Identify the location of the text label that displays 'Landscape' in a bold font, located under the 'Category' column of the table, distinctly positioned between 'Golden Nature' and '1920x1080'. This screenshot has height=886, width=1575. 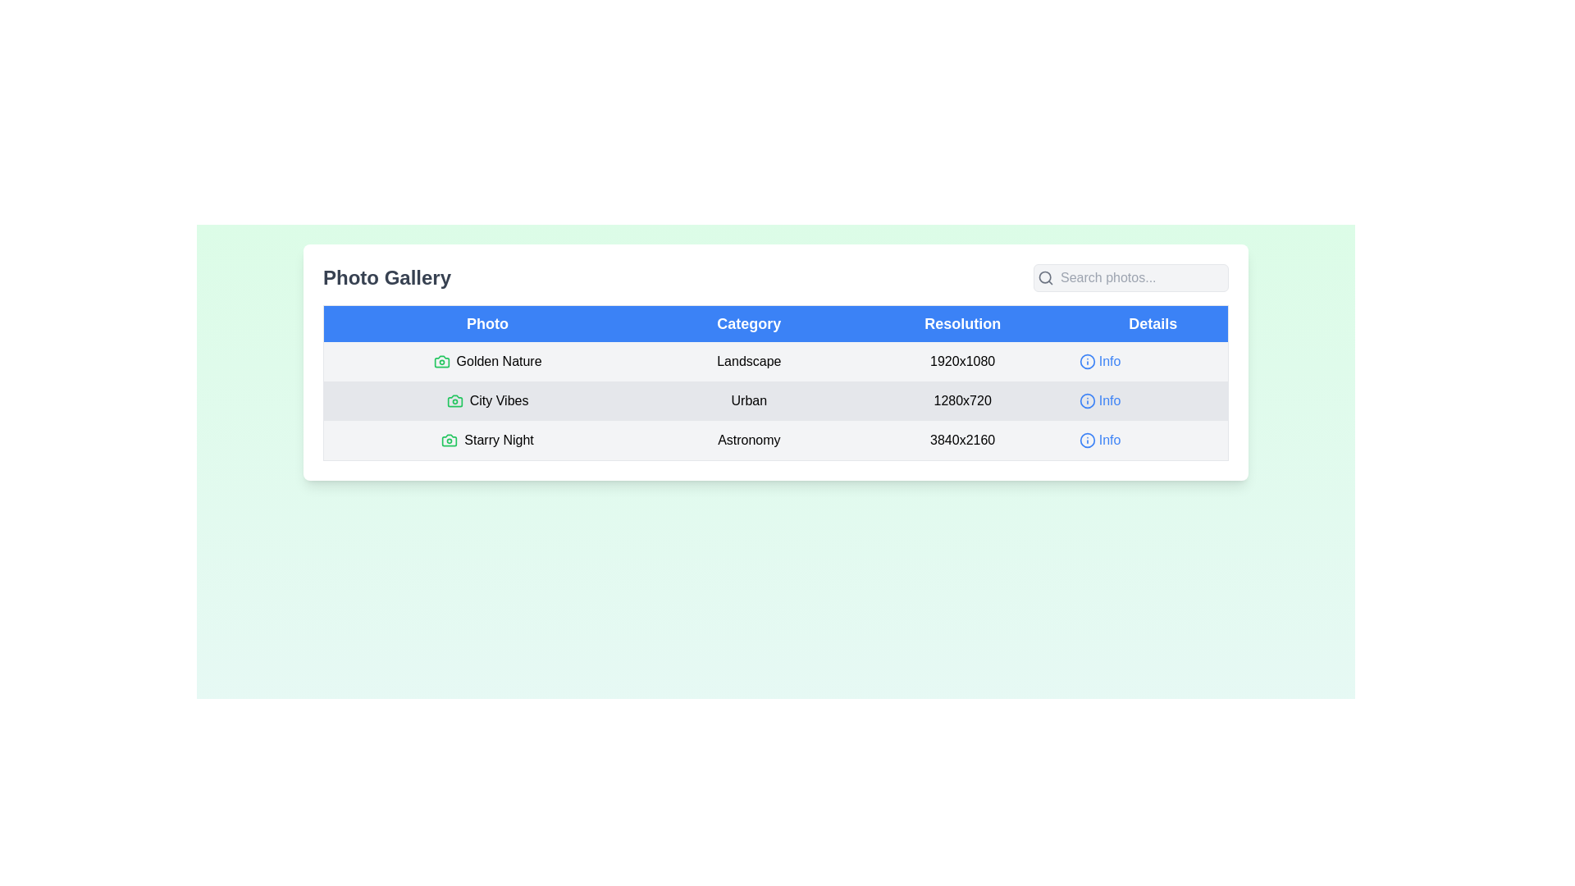
(748, 360).